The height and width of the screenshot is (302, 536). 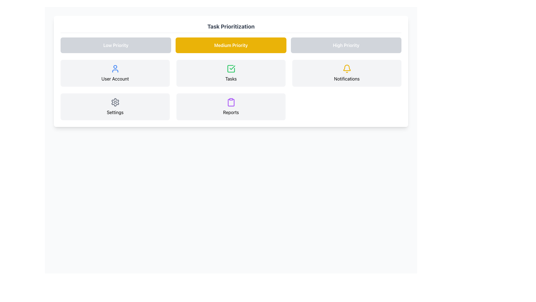 What do you see at coordinates (115, 107) in the screenshot?
I see `the navigation card in the second row, first column` at bounding box center [115, 107].